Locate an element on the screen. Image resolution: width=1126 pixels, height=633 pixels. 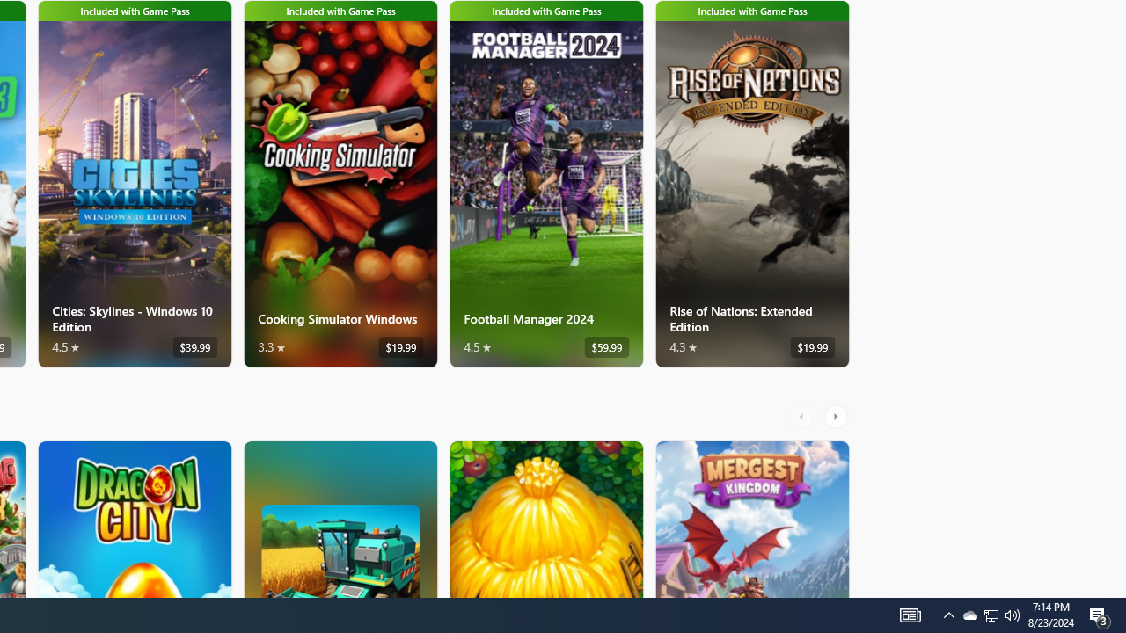
'AutomationID: RightScrollButton' is located at coordinates (837, 416).